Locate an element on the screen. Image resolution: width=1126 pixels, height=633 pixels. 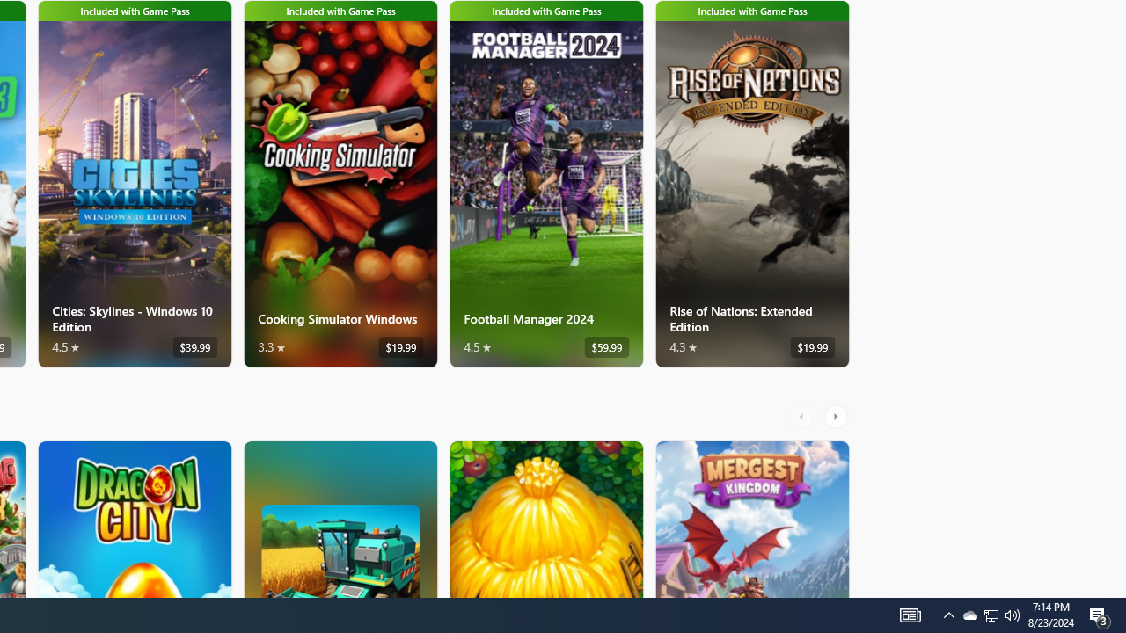
'AutomationID: RightScrollButton' is located at coordinates (837, 416).